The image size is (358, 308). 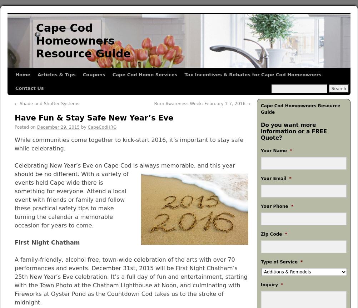 What do you see at coordinates (25, 127) in the screenshot?
I see `'Posted on'` at bounding box center [25, 127].